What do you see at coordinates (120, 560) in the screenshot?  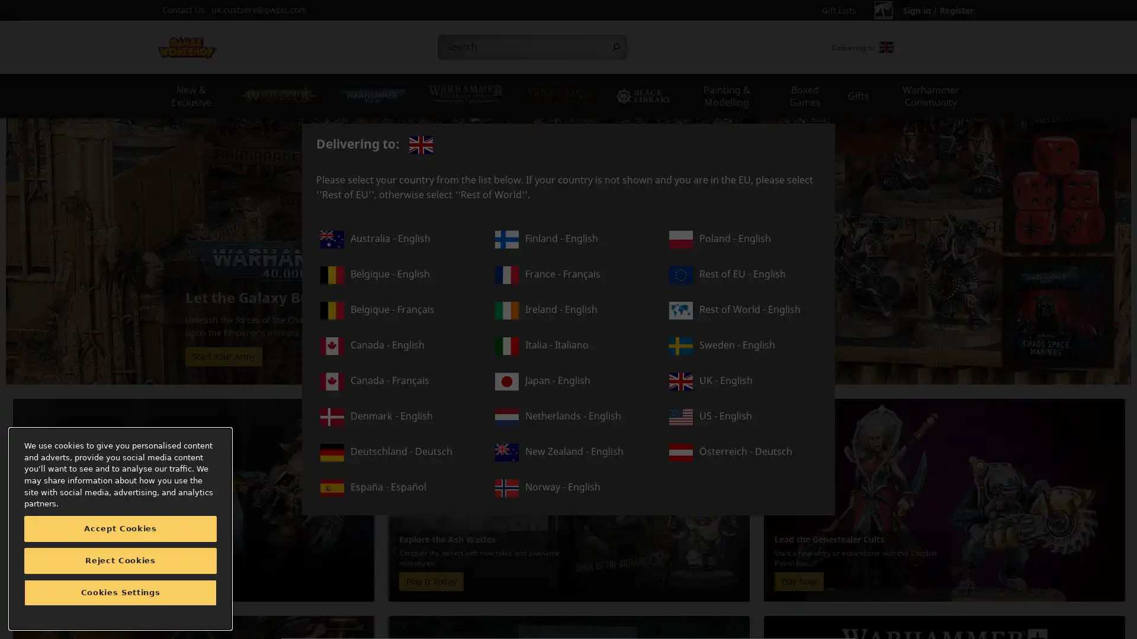 I see `Reject Cookies` at bounding box center [120, 560].